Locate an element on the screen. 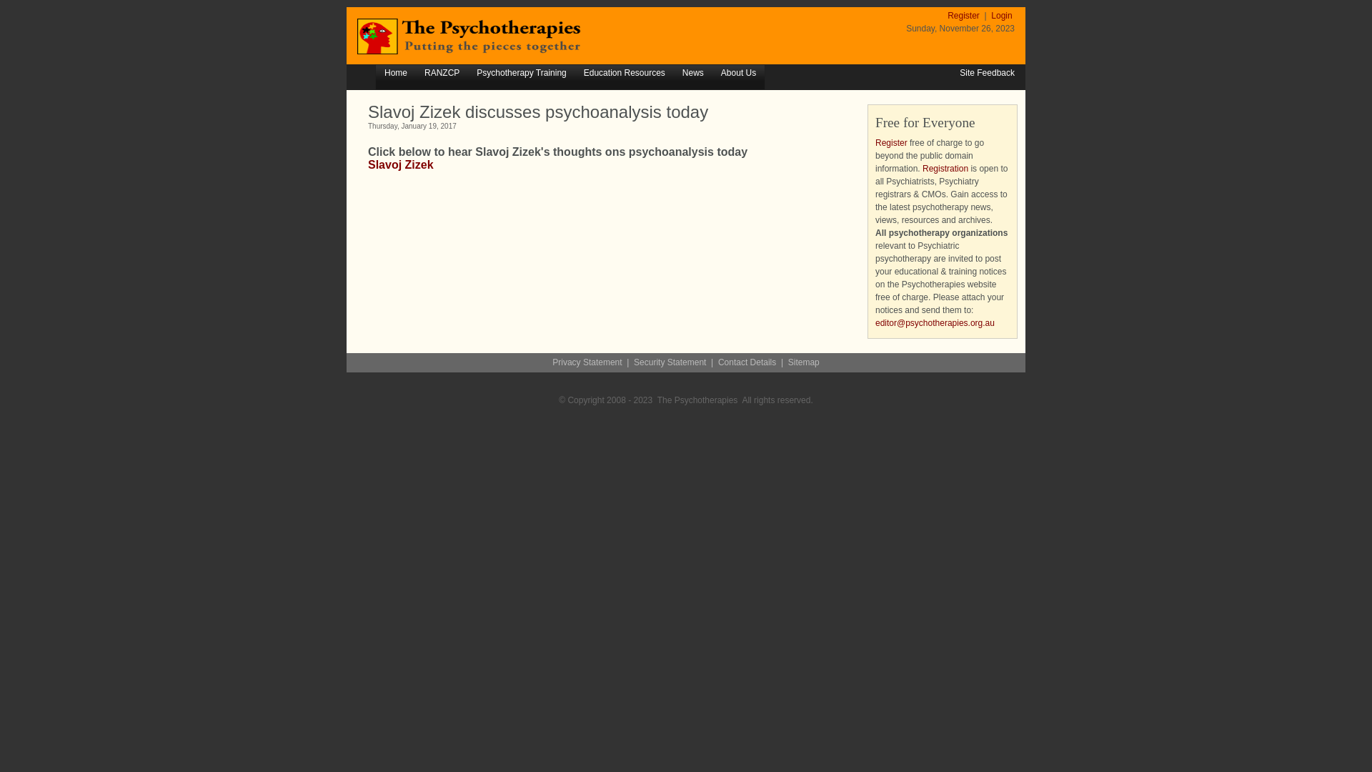  'Registration' is located at coordinates (945, 167).